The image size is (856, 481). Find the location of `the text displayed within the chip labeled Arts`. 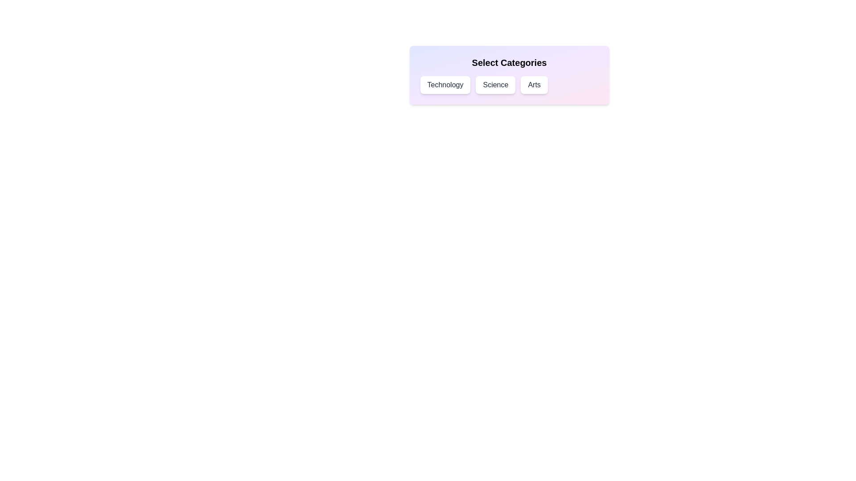

the text displayed within the chip labeled Arts is located at coordinates (534, 85).